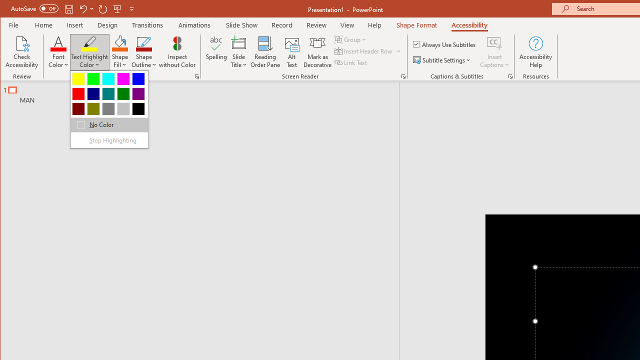  I want to click on 'Group', so click(351, 39).